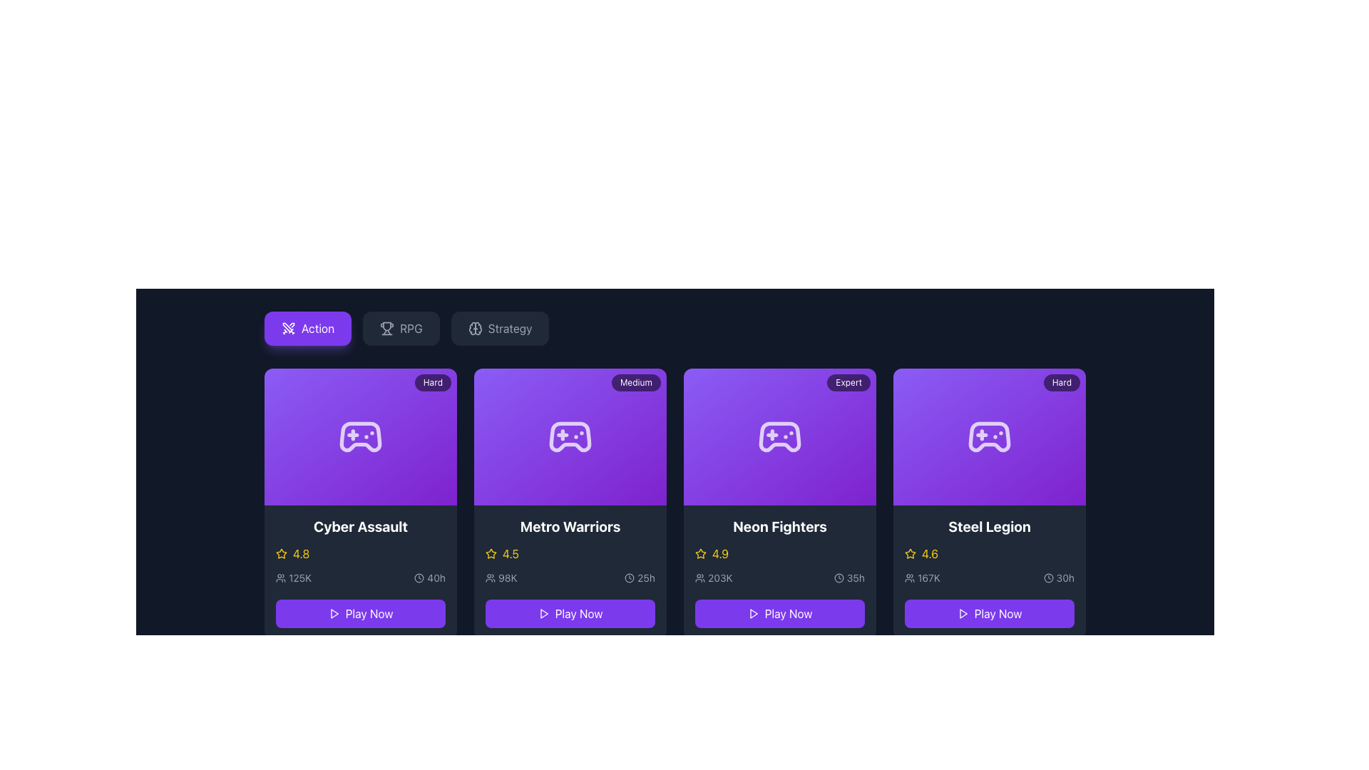 The image size is (1369, 770). Describe the element at coordinates (787, 612) in the screenshot. I see `the 'Play Now' text label, which is displayed in white capitalized bold sans-serif font, located within the third card labeled 'Neon Fighters' at the bottom of the card` at that location.